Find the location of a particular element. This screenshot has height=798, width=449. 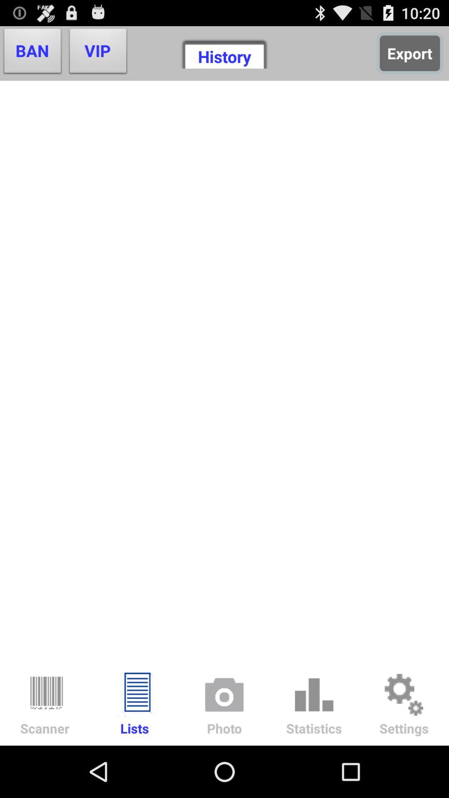

the item next to ban is located at coordinates (98, 53).